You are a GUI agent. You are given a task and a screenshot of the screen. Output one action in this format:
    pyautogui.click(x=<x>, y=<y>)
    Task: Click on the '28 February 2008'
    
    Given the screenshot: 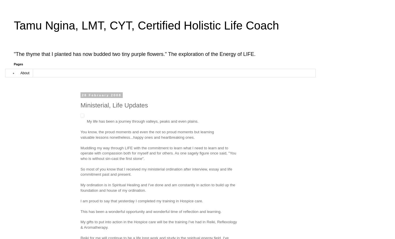 What is the action you would take?
    pyautogui.click(x=81, y=95)
    